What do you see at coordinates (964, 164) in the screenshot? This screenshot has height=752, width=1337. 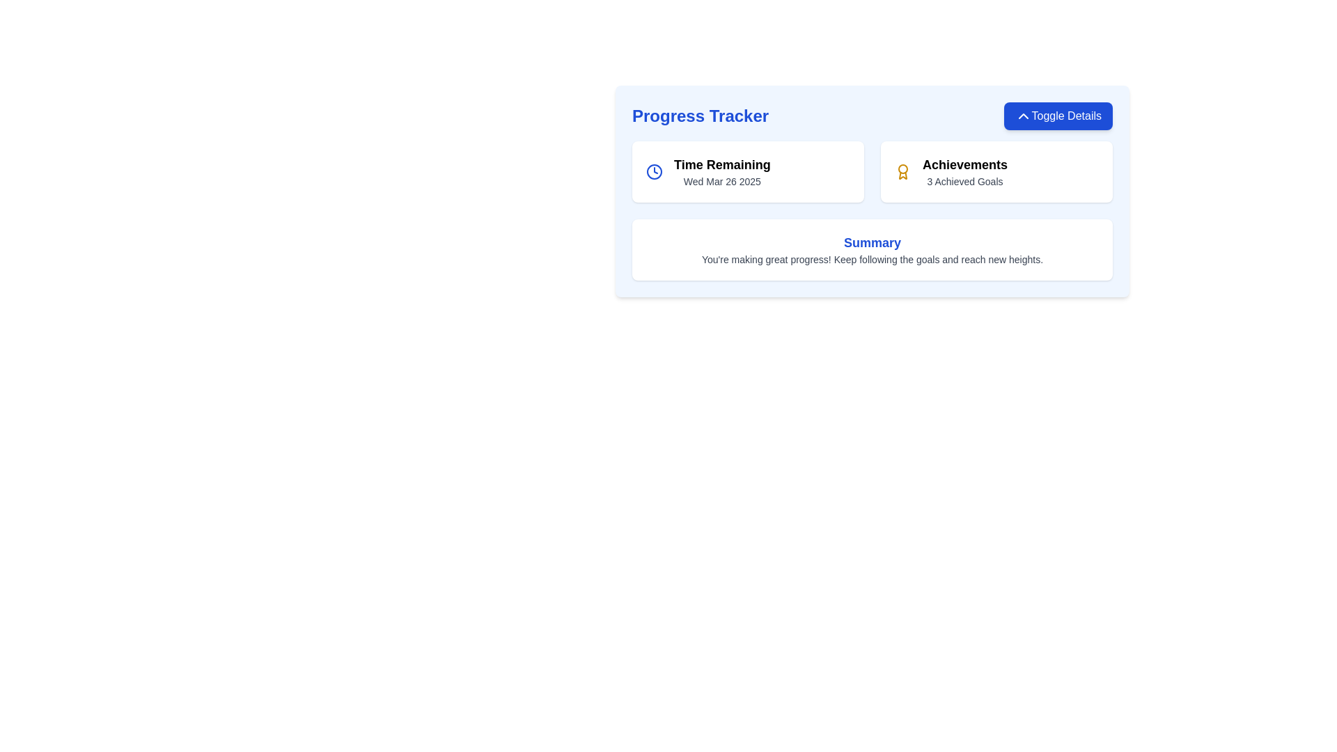 I see `the text label 'Achievements' which is styled in bold and larger than adjacent text, located in the top-right section of the interface` at bounding box center [964, 164].